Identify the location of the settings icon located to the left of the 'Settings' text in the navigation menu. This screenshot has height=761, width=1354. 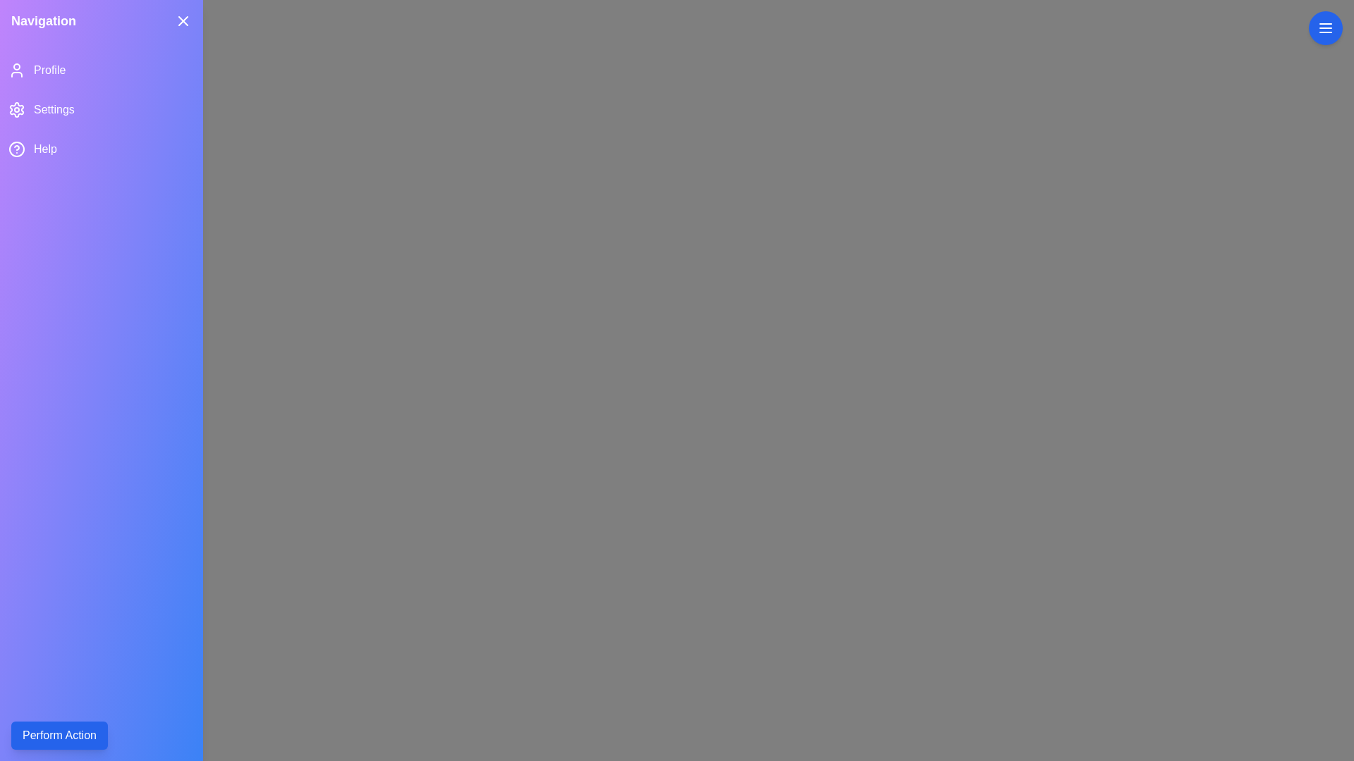
(17, 109).